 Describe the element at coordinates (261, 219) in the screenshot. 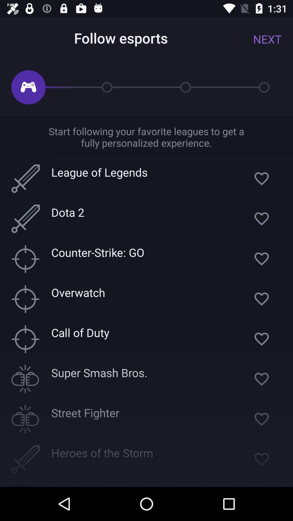

I see `the heart icon at right side of dota 2` at that location.